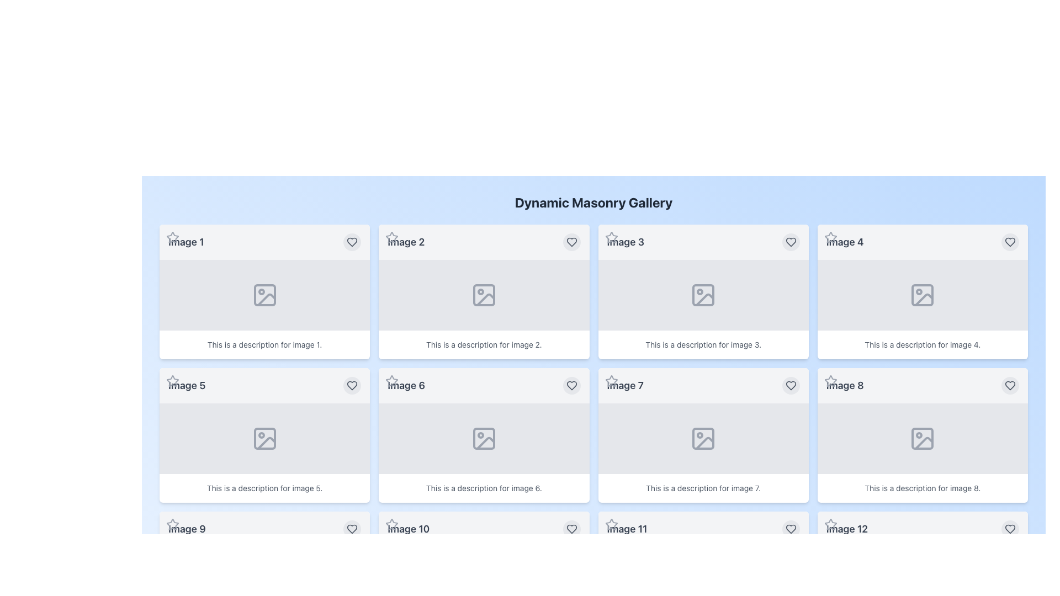 The image size is (1060, 596). Describe the element at coordinates (485, 443) in the screenshot. I see `the decorative vector graphic representing a mountain in the sixth box of the gallery grid, located in the bottom half of the icon` at that location.